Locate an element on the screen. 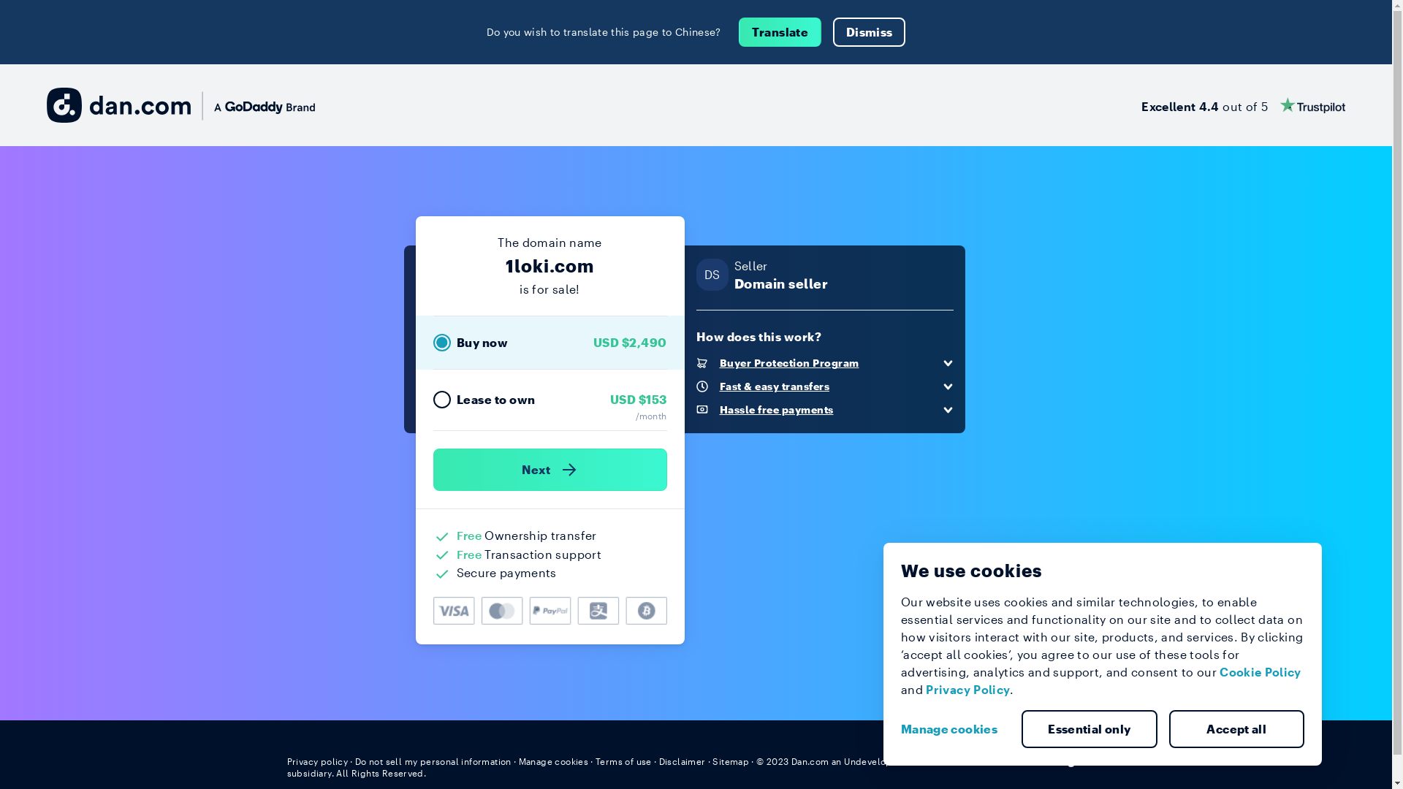 This screenshot has width=1403, height=789. 'Do not sell my personal information' is located at coordinates (433, 760).